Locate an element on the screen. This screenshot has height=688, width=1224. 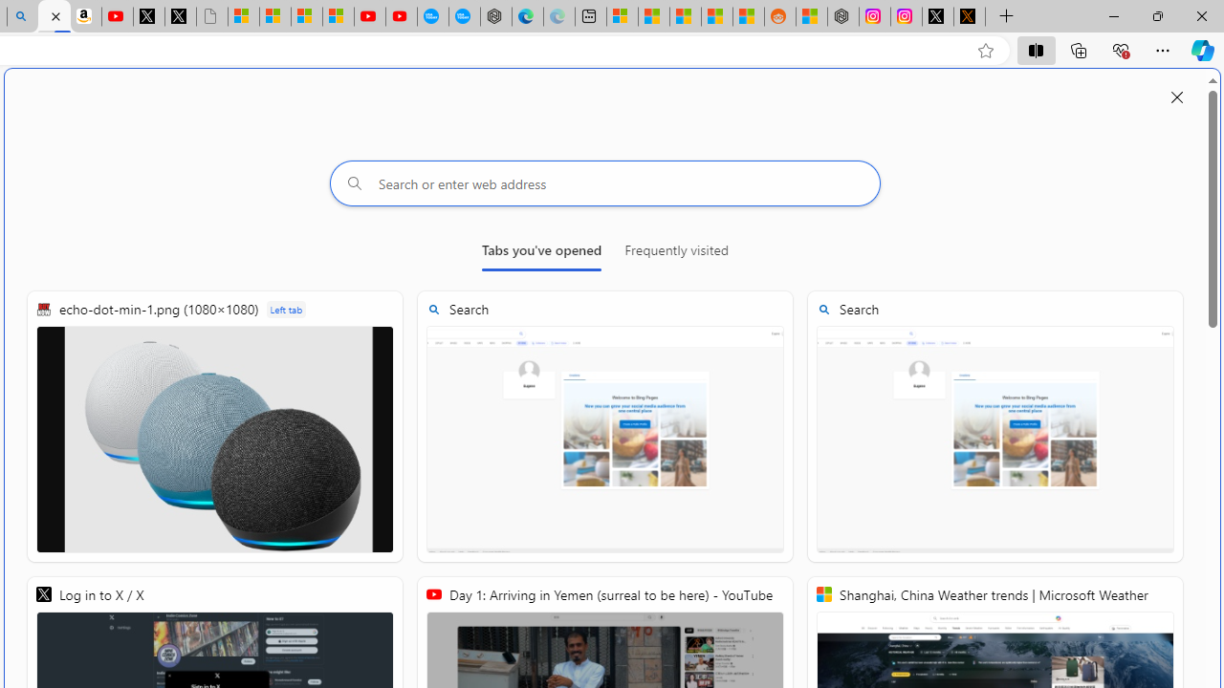
'Restore' is located at coordinates (1156, 15).